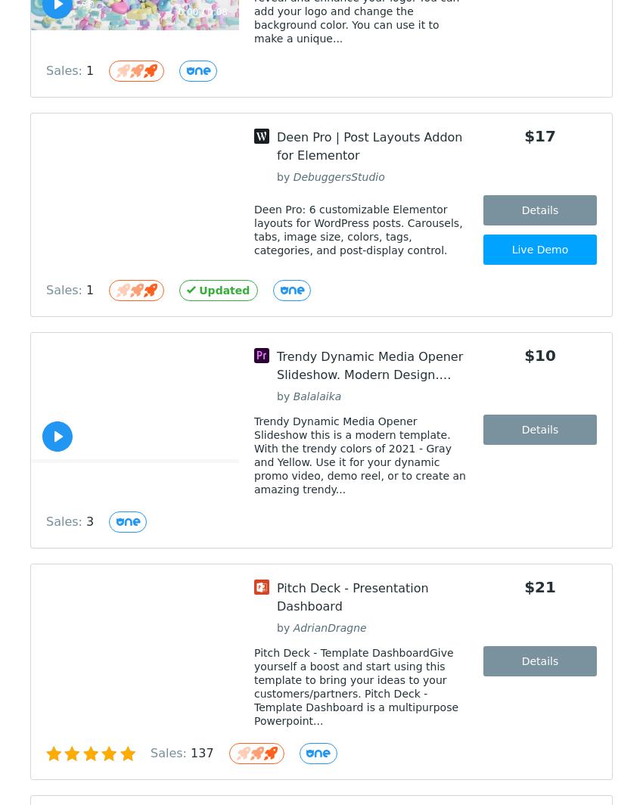  Describe the element at coordinates (351, 597) in the screenshot. I see `'Pitch Deck - Presentation Dashboard'` at that location.